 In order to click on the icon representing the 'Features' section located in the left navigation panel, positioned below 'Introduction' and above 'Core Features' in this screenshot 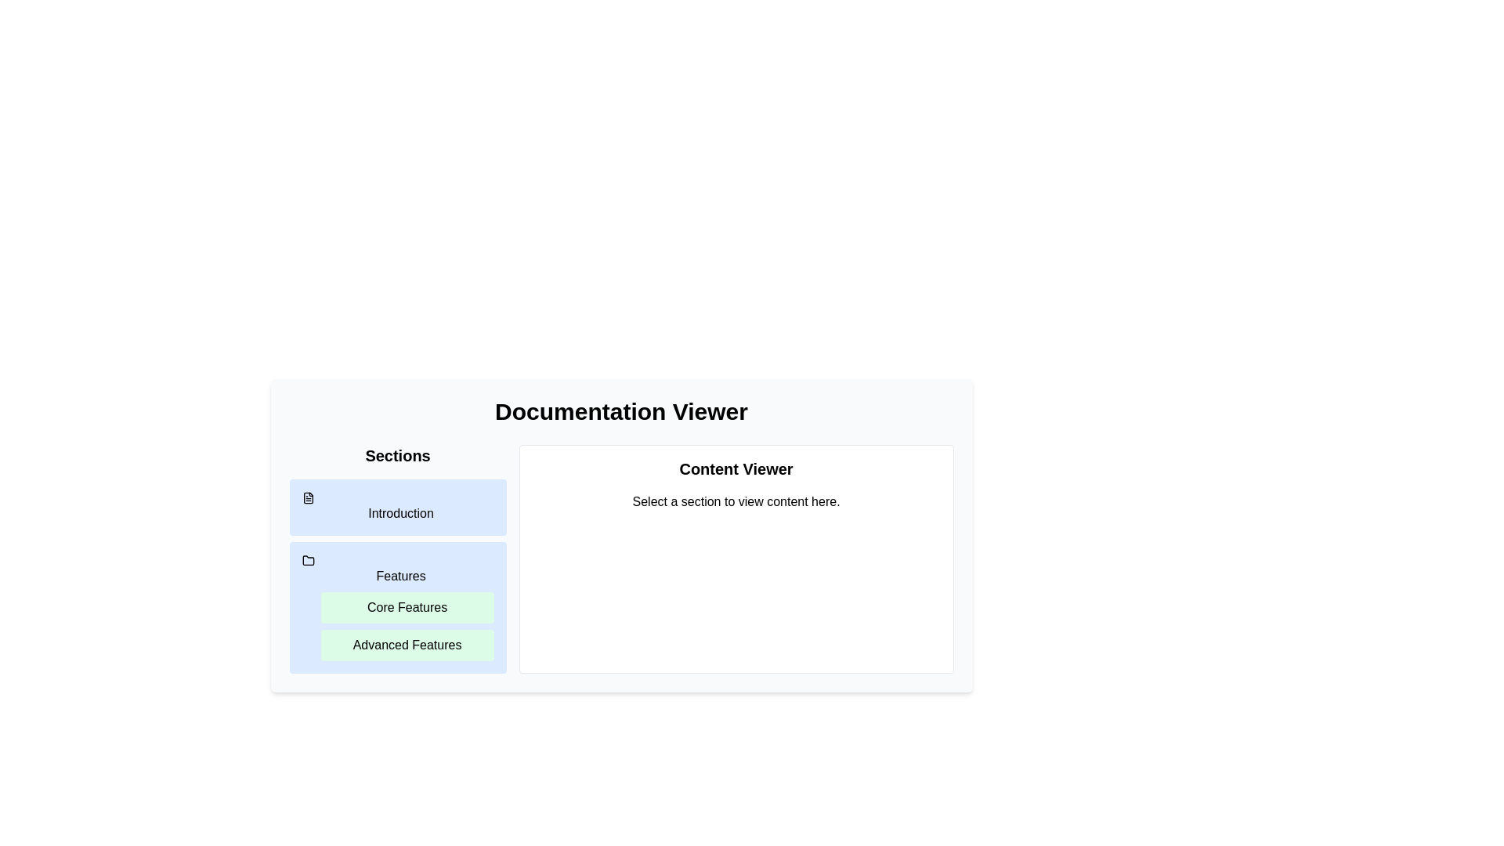, I will do `click(308, 559)`.